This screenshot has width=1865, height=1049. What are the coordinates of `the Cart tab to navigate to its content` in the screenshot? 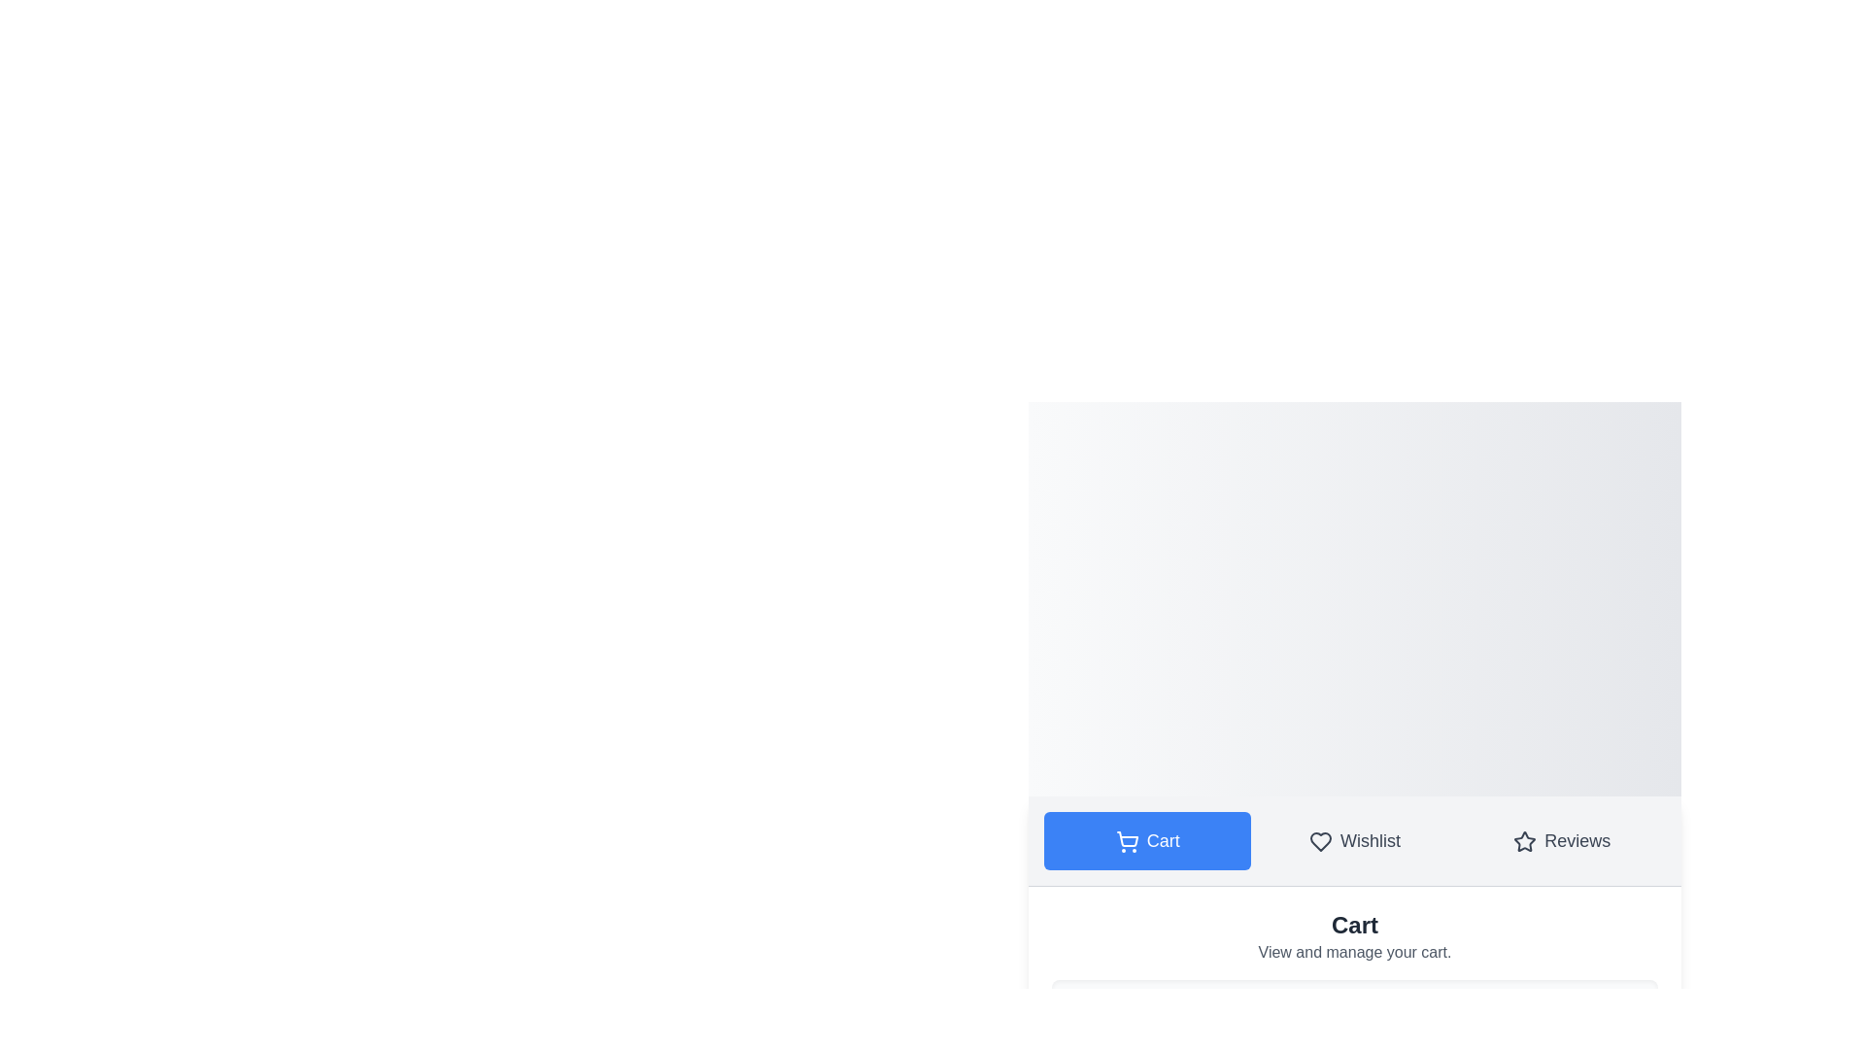 It's located at (1147, 839).